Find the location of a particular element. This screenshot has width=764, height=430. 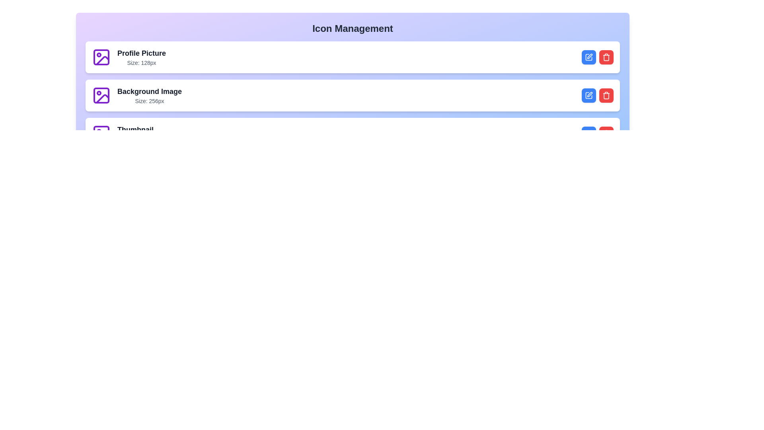

the small blue square icon with a pen graphic in the center is located at coordinates (589, 57).